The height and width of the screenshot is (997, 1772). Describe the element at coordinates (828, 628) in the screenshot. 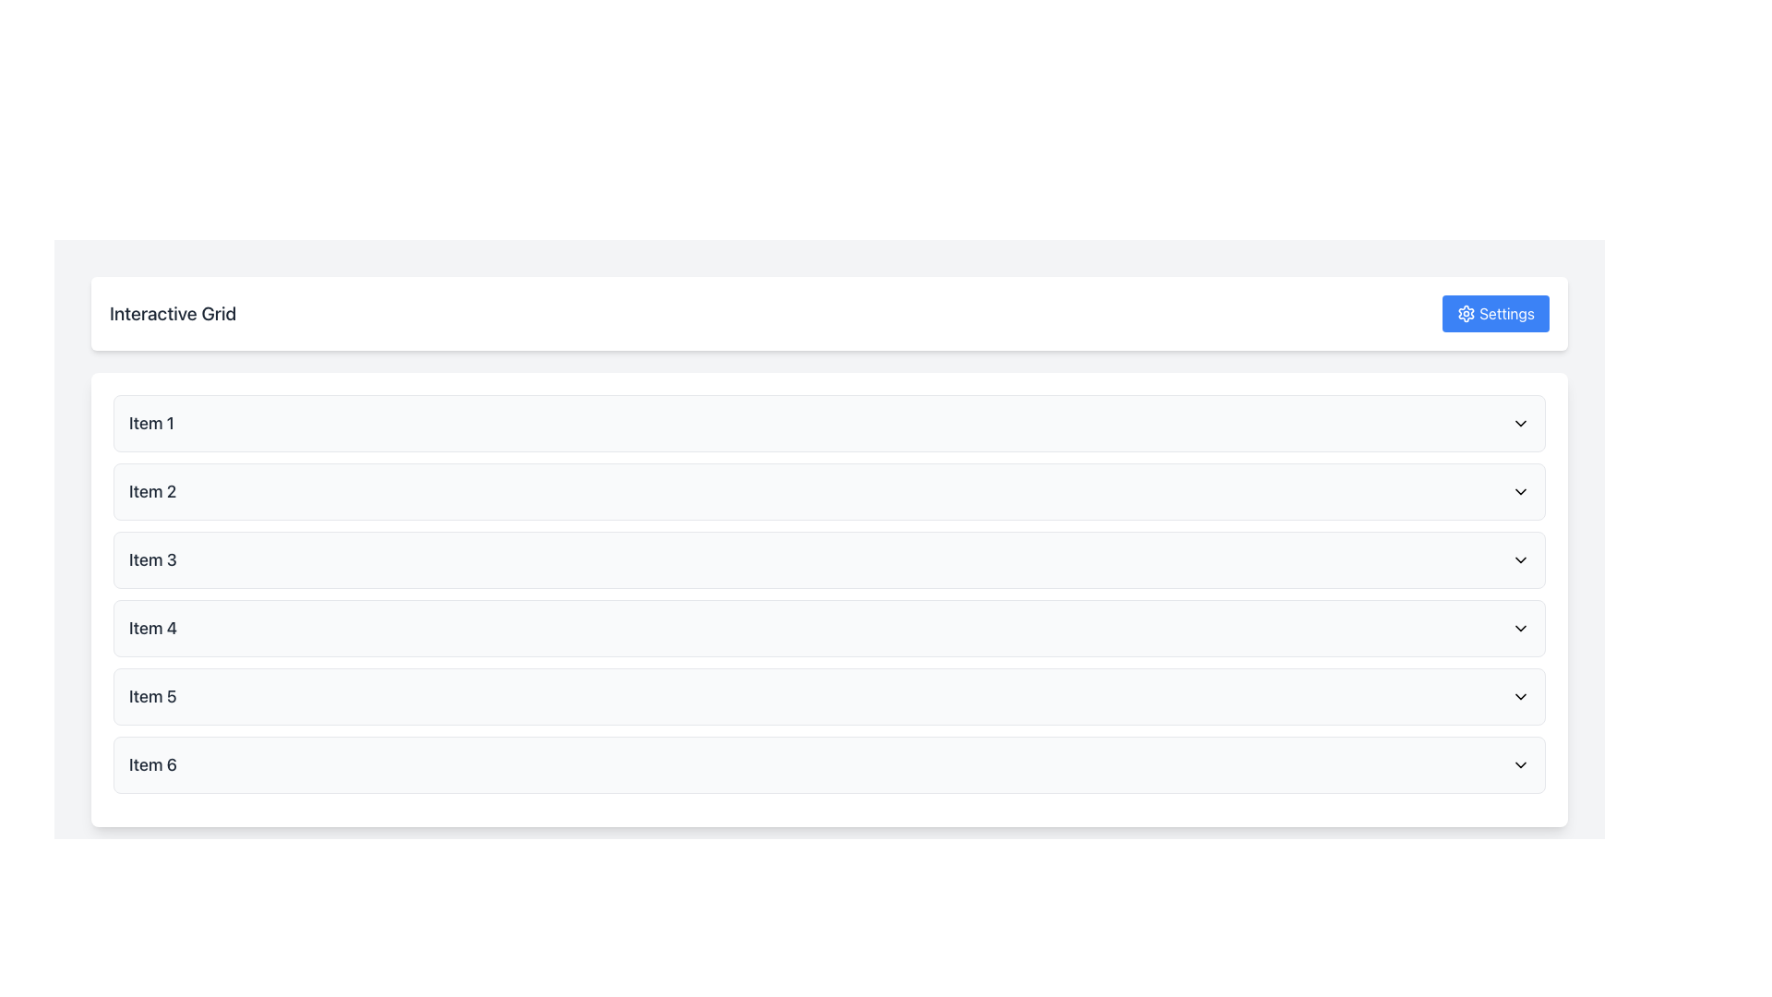

I see `keyboard navigation` at that location.